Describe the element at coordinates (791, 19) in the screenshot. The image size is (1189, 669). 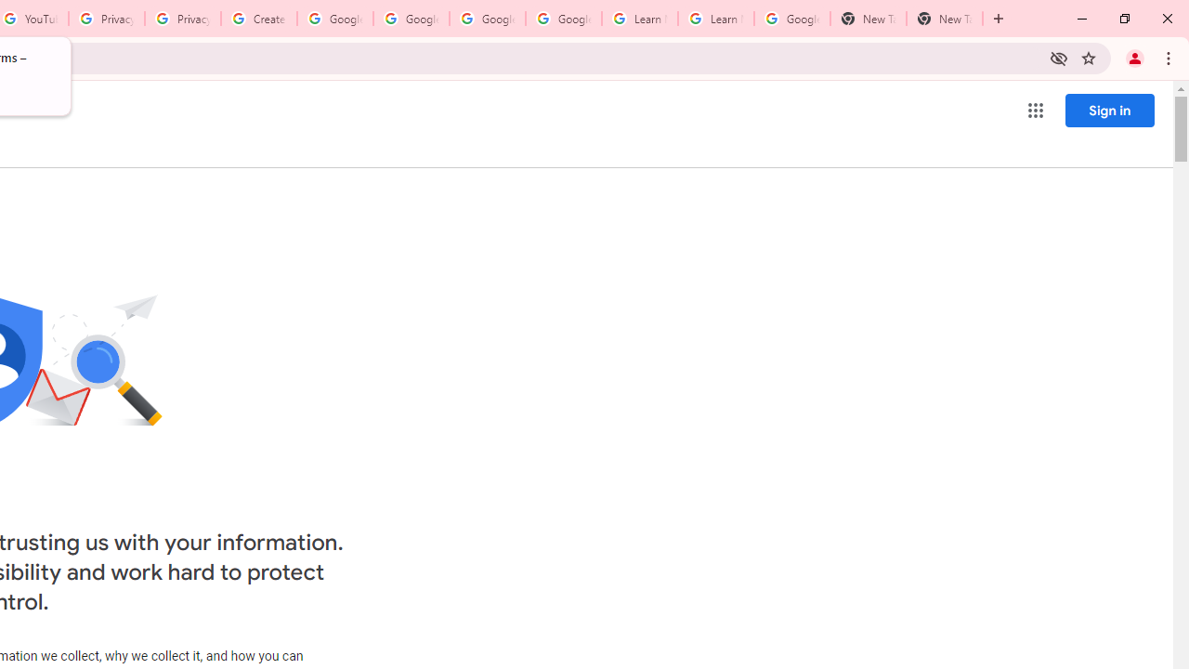
I see `'Google Account'` at that location.